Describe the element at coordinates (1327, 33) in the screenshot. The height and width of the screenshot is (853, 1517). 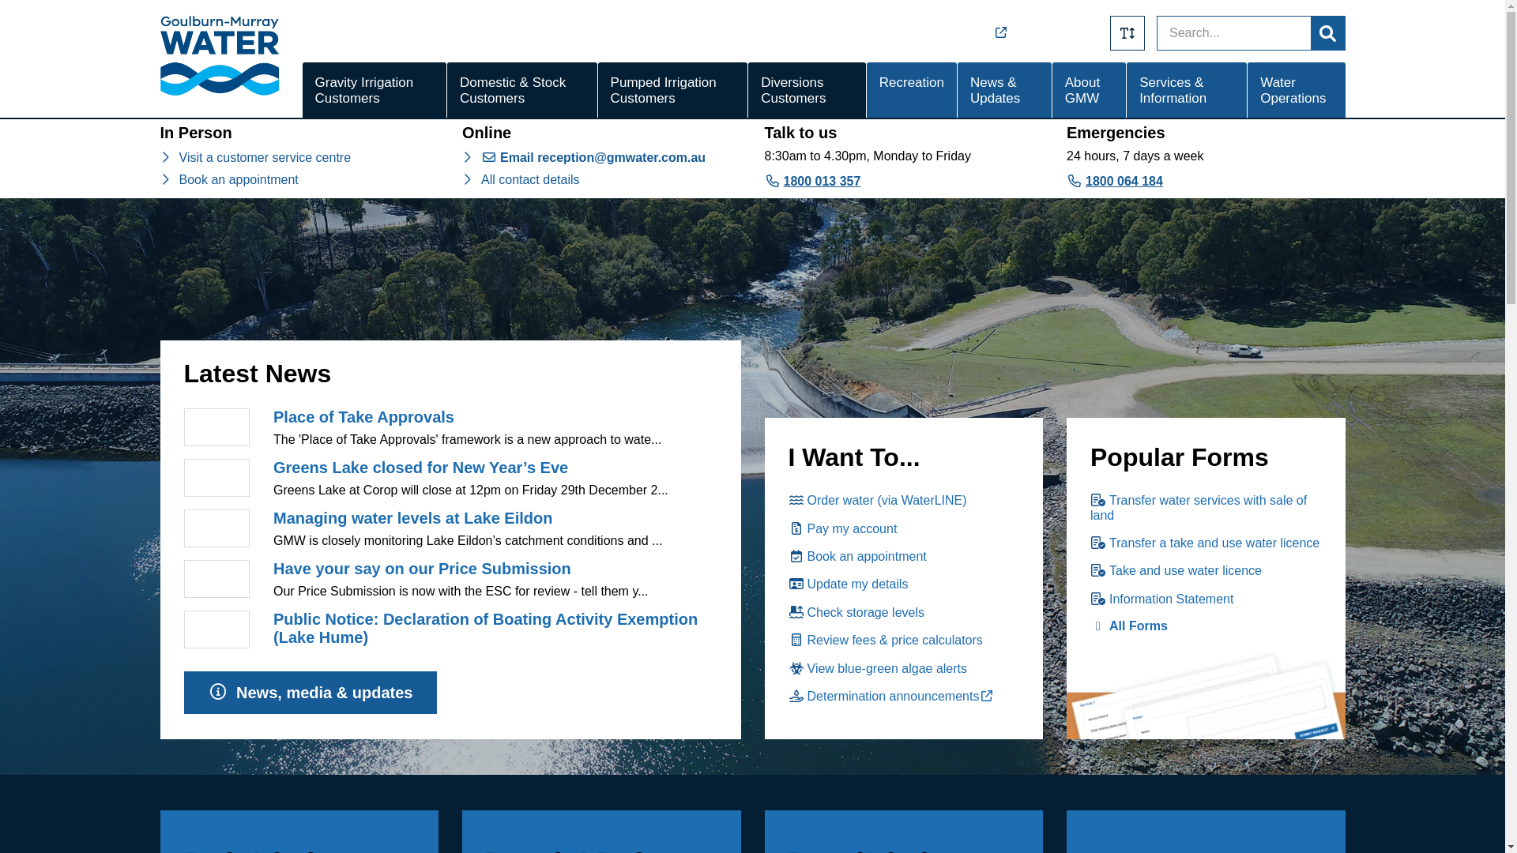
I see `'Search'` at that location.